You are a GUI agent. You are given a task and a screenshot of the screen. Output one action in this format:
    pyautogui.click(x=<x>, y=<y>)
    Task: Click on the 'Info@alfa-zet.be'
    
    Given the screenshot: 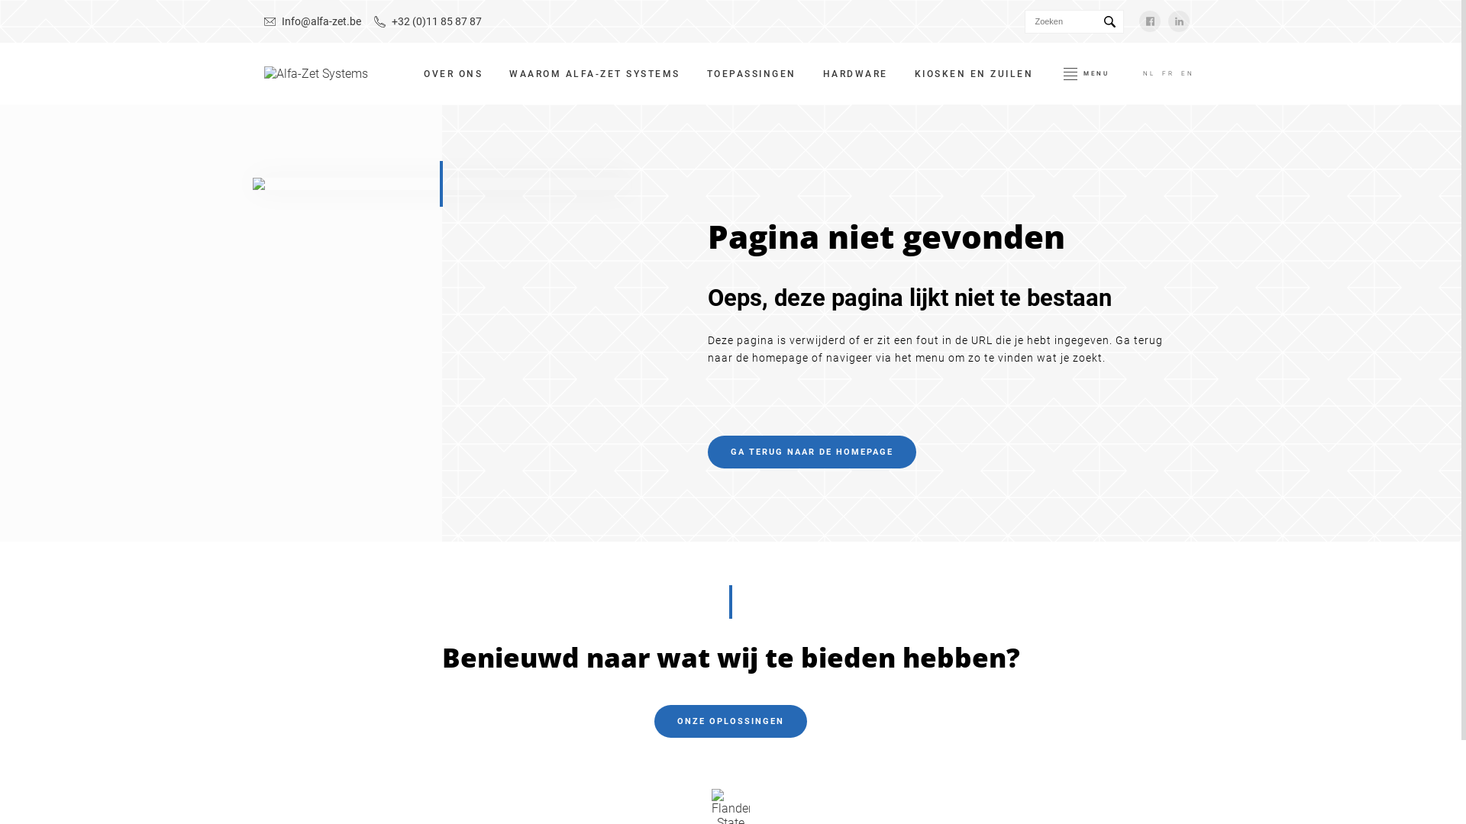 What is the action you would take?
    pyautogui.click(x=312, y=21)
    